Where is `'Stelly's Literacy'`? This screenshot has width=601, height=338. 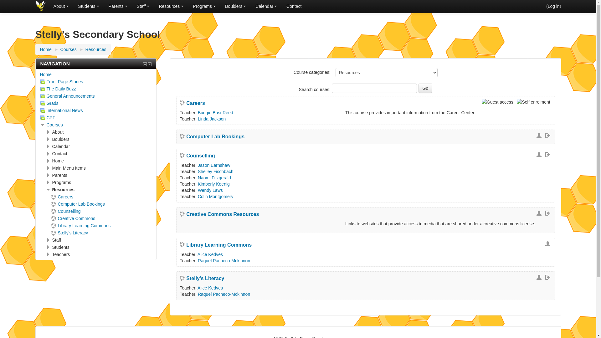
'Stelly's Literacy' is located at coordinates (202, 278).